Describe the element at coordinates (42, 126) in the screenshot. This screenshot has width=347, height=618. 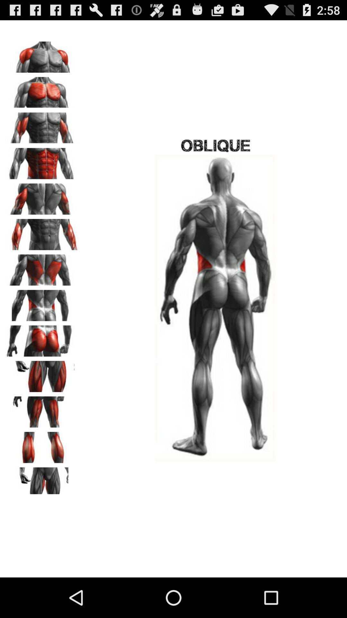
I see `choose body part biceps` at that location.